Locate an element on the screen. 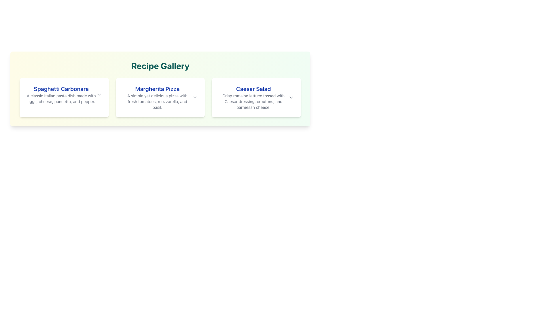 Image resolution: width=553 pixels, height=311 pixels. descriptive text about the 'Margherita Pizza' recipe located in the lower text block of the middle card in a group of three horizontally aligned cards is located at coordinates (157, 101).